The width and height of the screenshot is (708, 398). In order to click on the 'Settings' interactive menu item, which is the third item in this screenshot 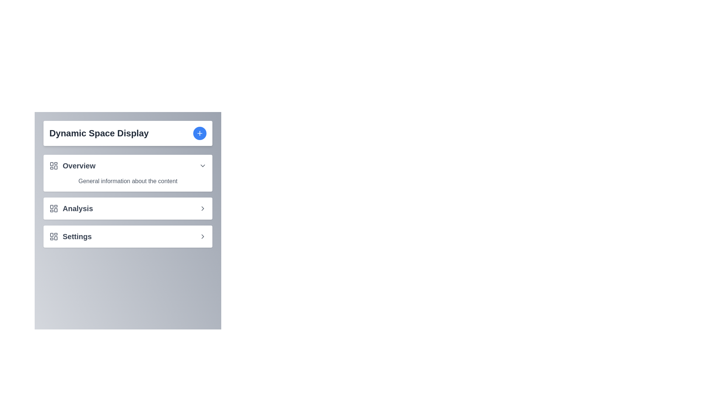, I will do `click(70, 236)`.